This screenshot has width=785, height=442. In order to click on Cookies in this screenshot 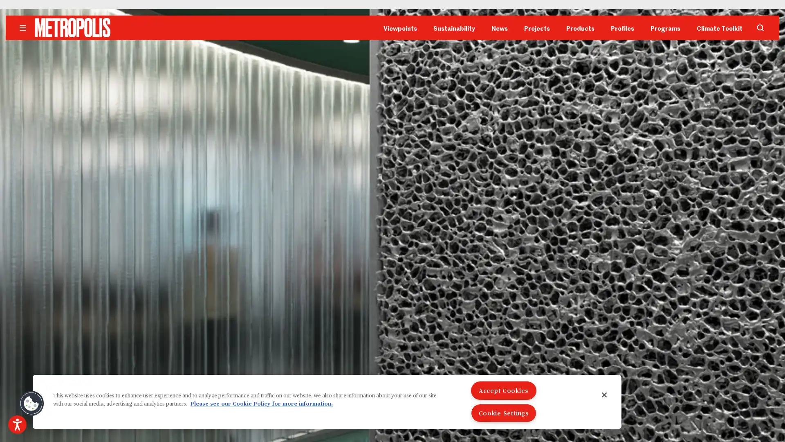, I will do `click(31, 403)`.